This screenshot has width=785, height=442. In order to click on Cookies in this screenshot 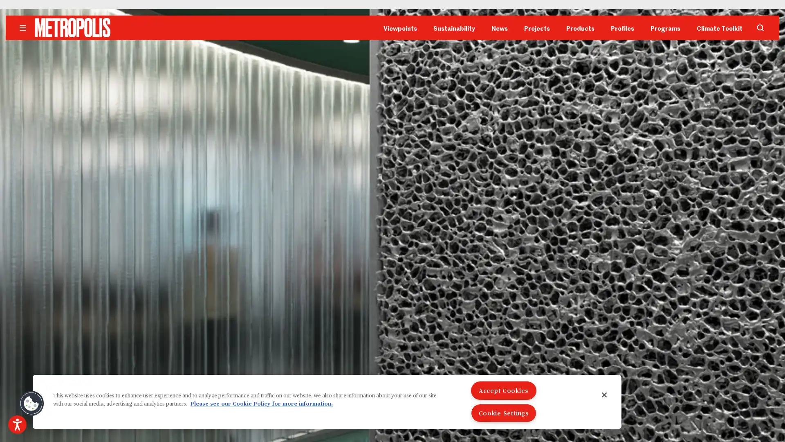, I will do `click(31, 403)`.